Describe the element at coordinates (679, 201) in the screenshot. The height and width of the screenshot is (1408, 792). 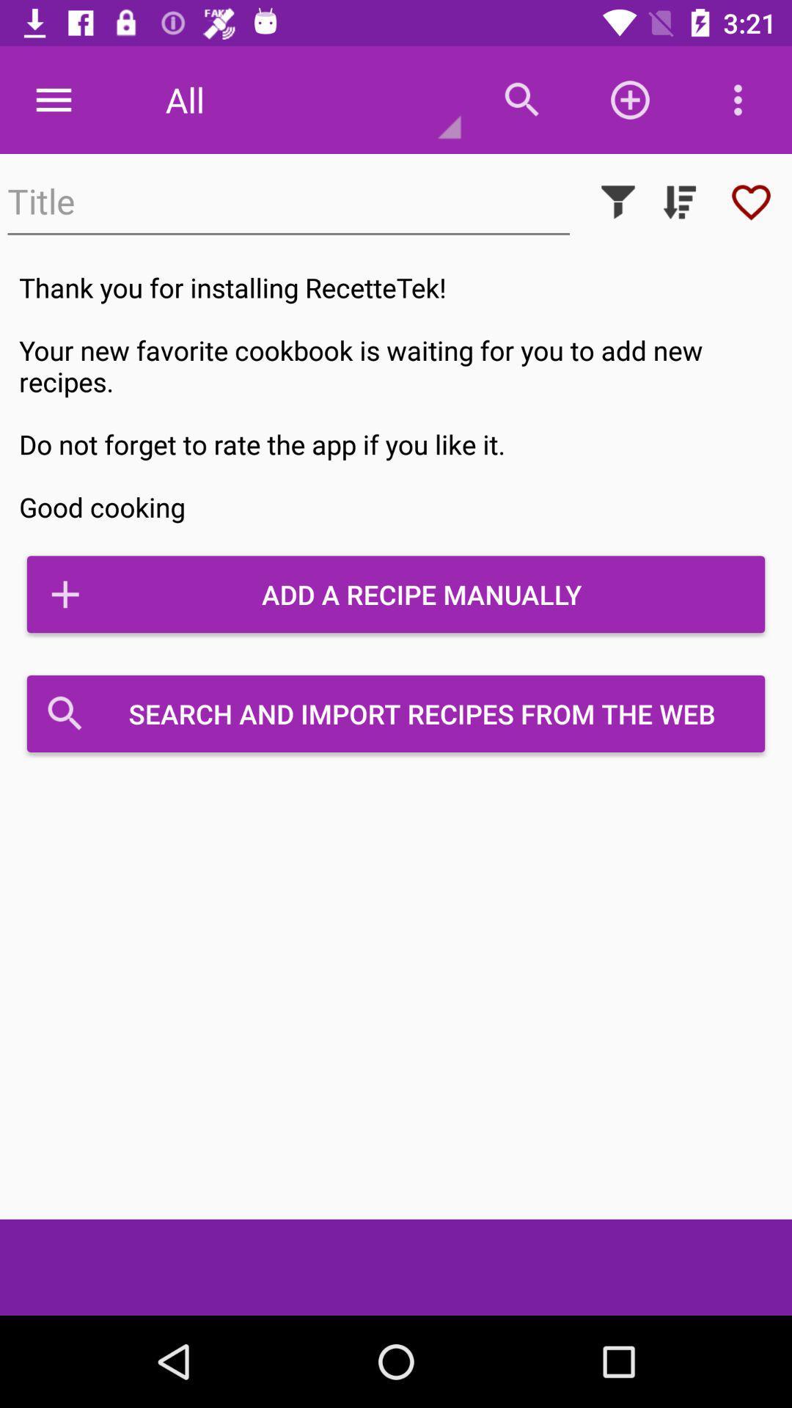
I see `the filter_list icon` at that location.